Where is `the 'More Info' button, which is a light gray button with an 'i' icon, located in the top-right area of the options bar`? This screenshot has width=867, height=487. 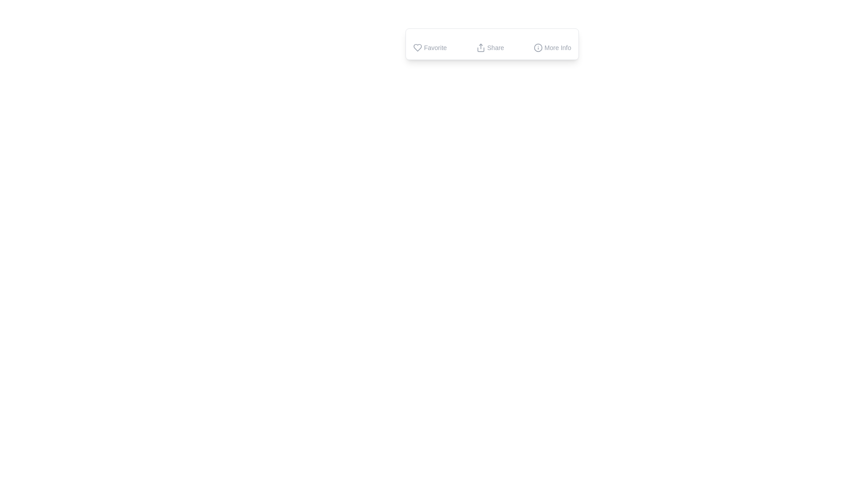
the 'More Info' button, which is a light gray button with an 'i' icon, located in the top-right area of the options bar is located at coordinates (552, 47).